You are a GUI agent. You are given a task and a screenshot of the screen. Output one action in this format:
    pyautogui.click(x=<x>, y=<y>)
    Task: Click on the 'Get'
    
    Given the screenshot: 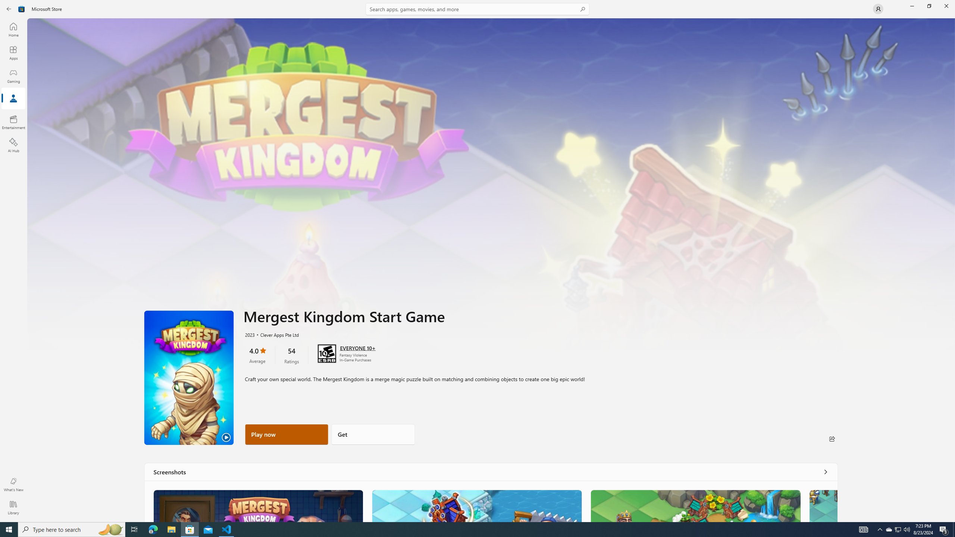 What is the action you would take?
    pyautogui.click(x=372, y=434)
    